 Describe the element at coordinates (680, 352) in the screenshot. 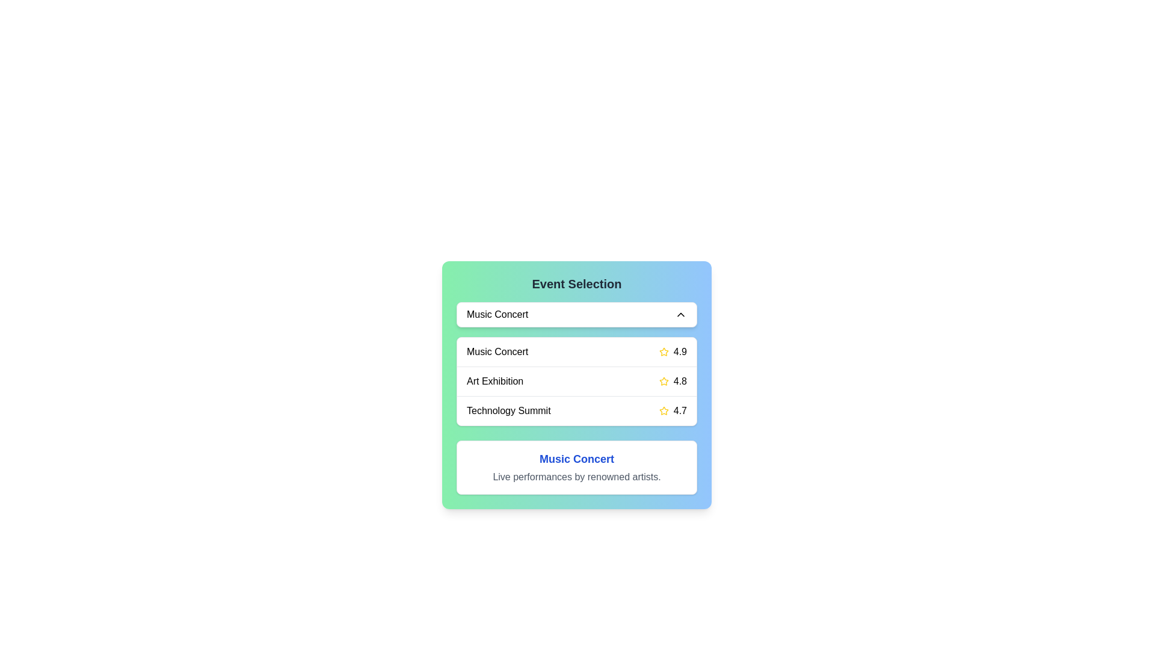

I see `static text displaying the rating value for the 'Music Concert' option, which is located to the right of the star icon in the top-most row of the 'Event Selection' list` at that location.